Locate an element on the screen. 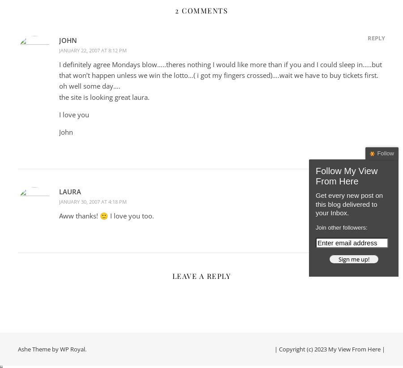 This screenshot has width=403, height=368. '.' is located at coordinates (86, 348).